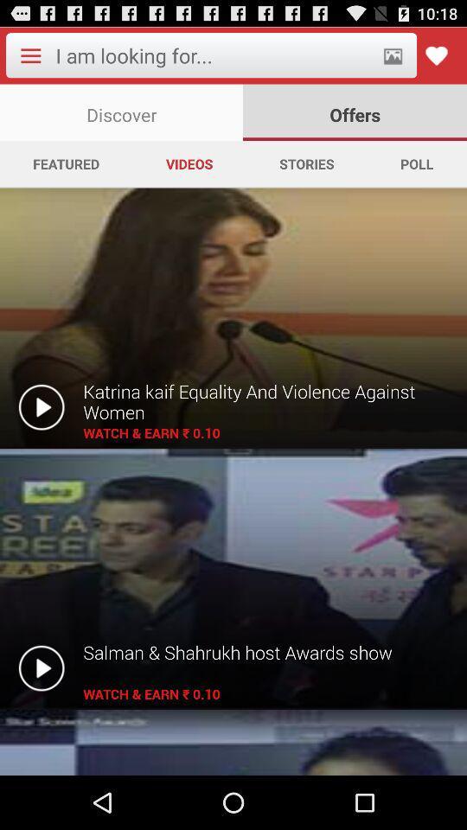 The width and height of the screenshot is (467, 830). I want to click on the app next to the stories app, so click(189, 163).